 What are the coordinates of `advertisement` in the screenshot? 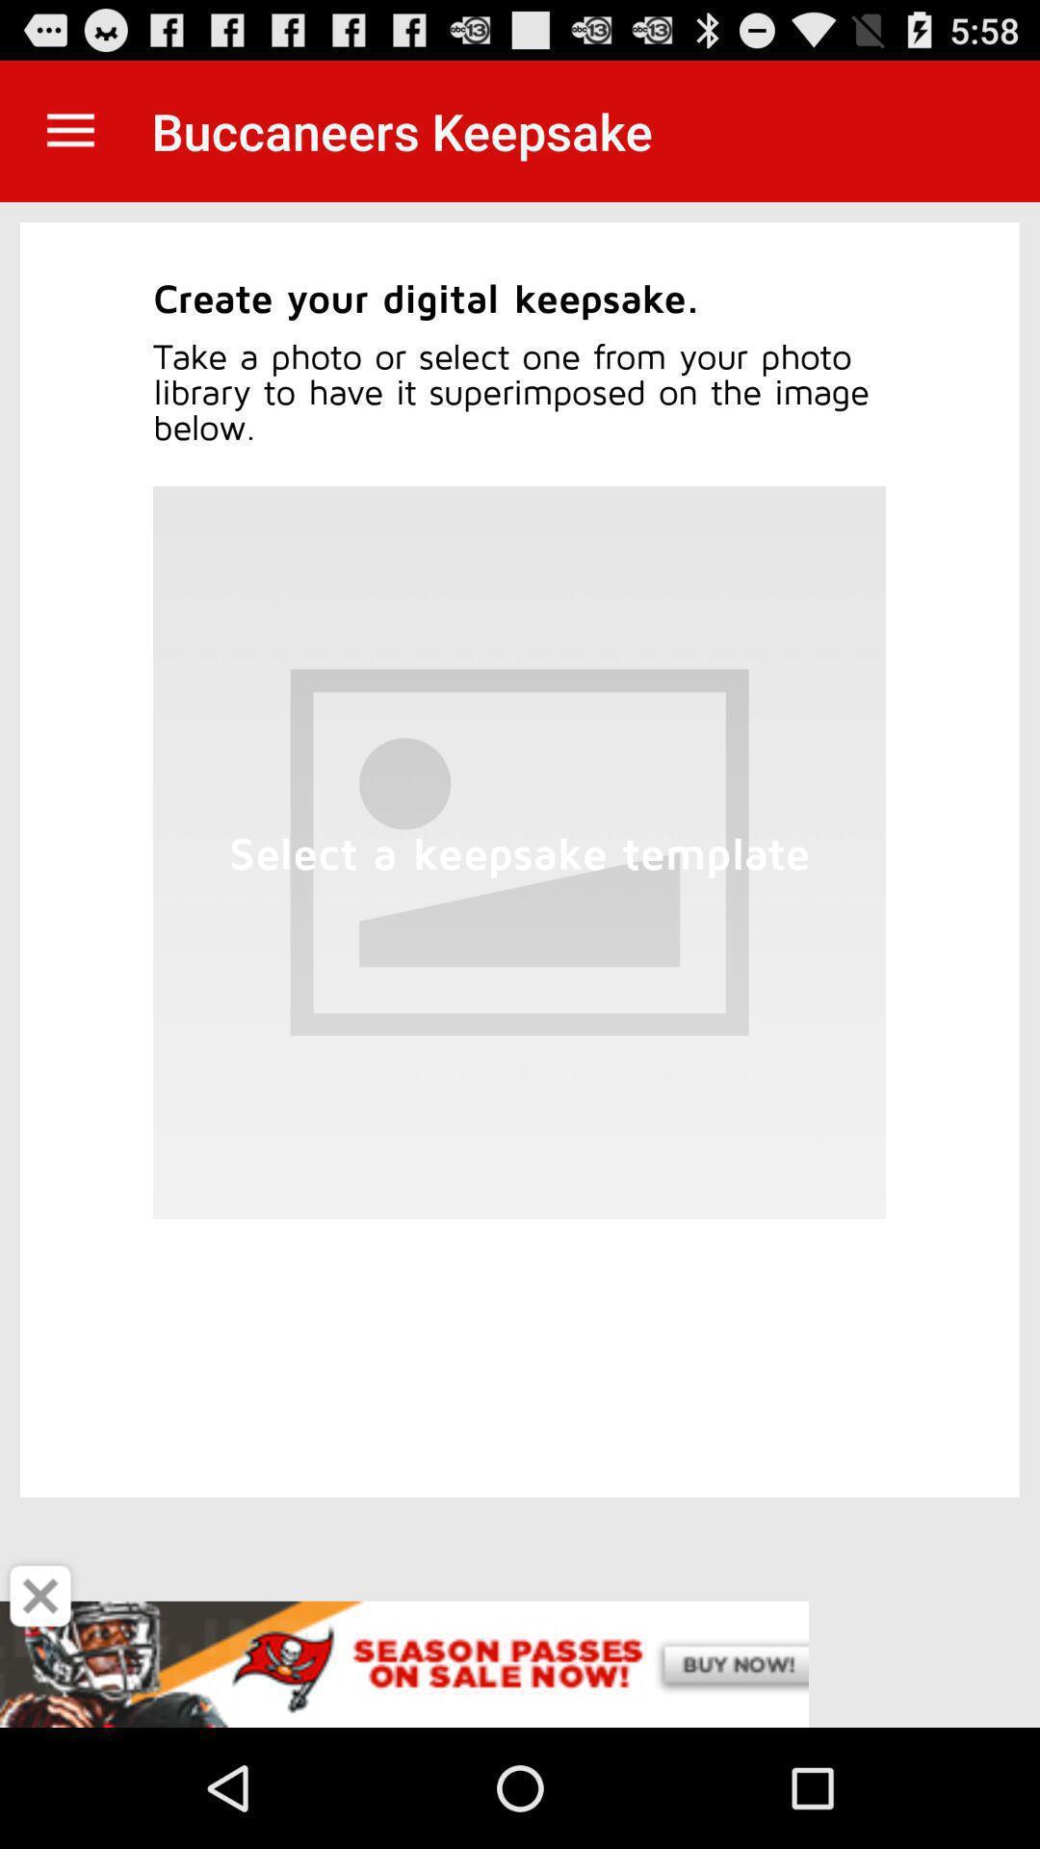 It's located at (40, 1596).